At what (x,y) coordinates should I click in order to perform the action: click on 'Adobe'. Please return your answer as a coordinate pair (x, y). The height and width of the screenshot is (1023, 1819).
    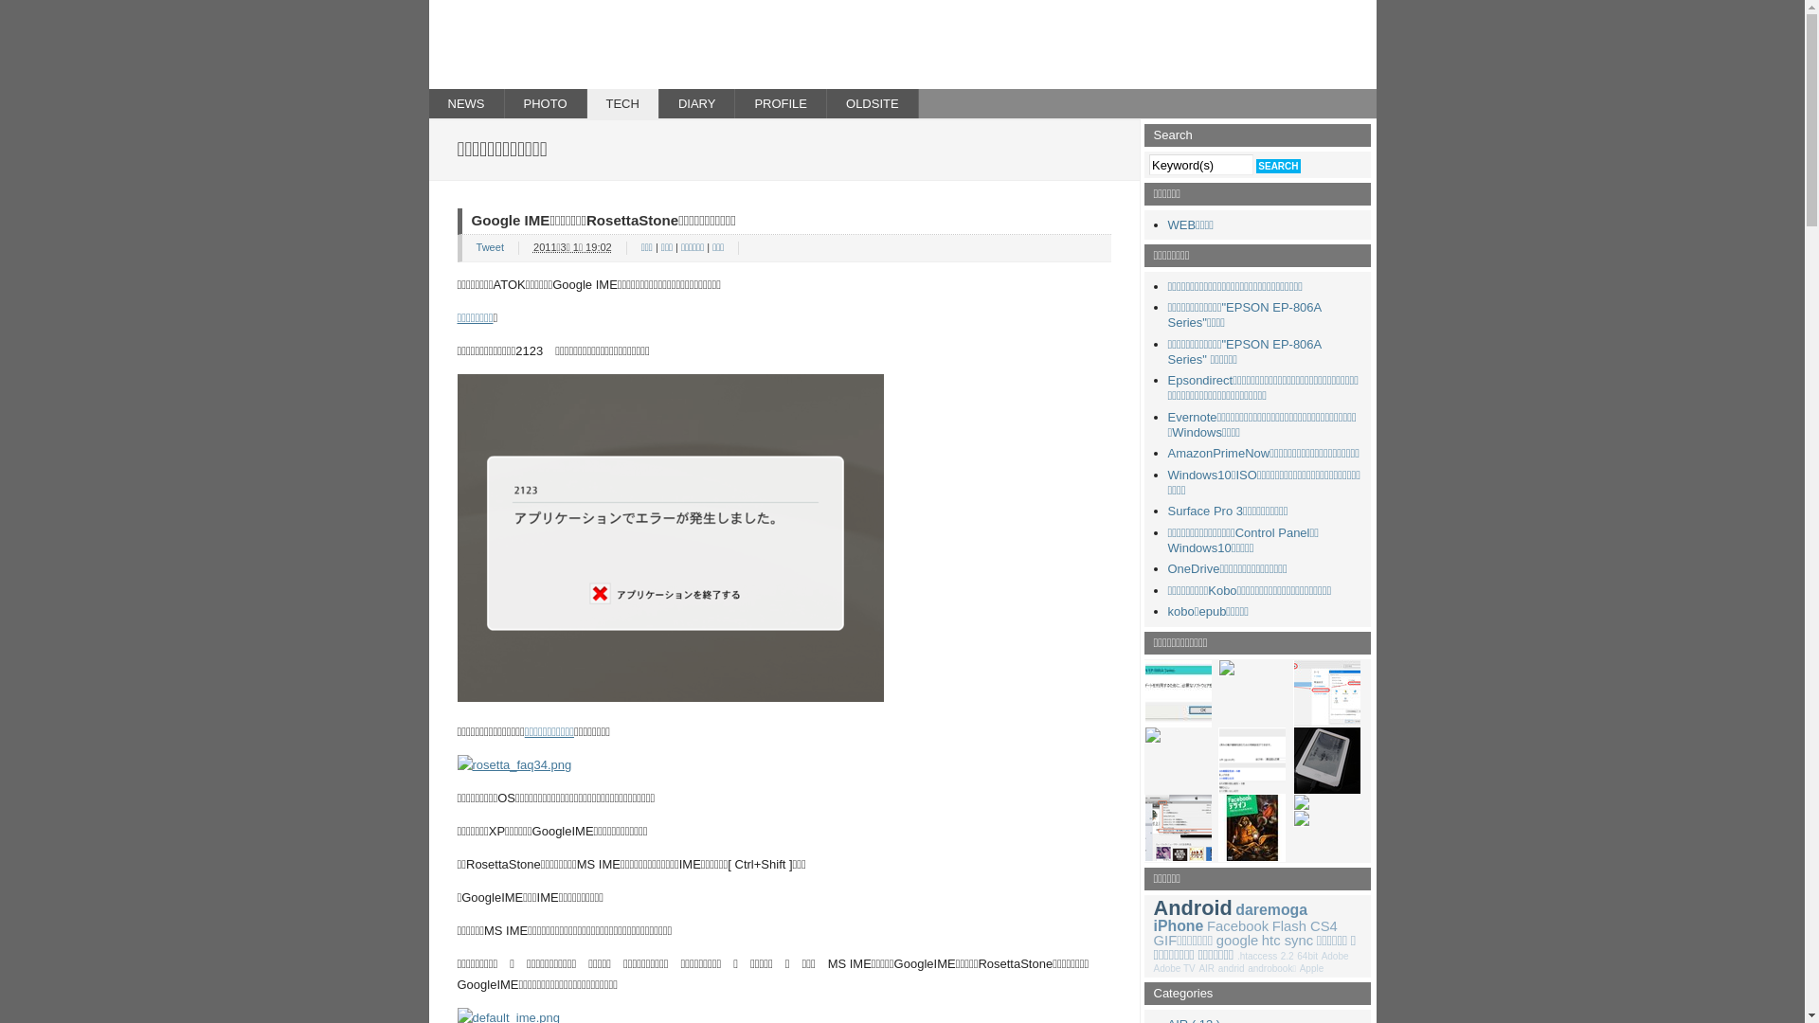
    Looking at the image, I should click on (1334, 956).